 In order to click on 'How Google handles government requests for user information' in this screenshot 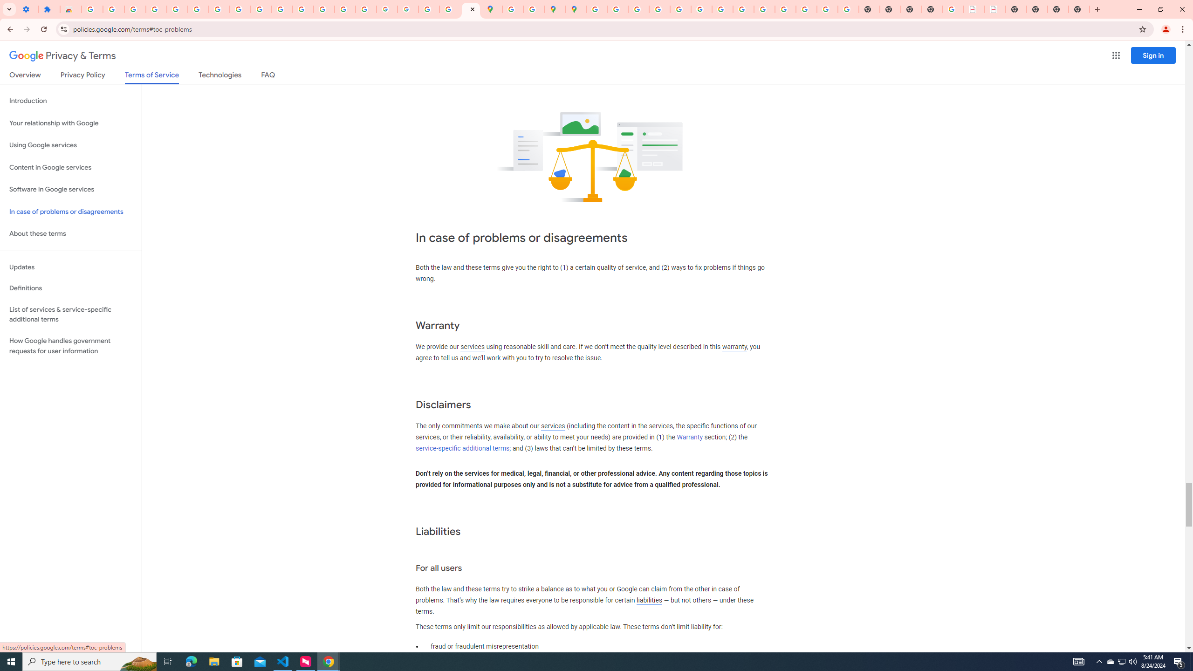, I will do `click(70, 346)`.